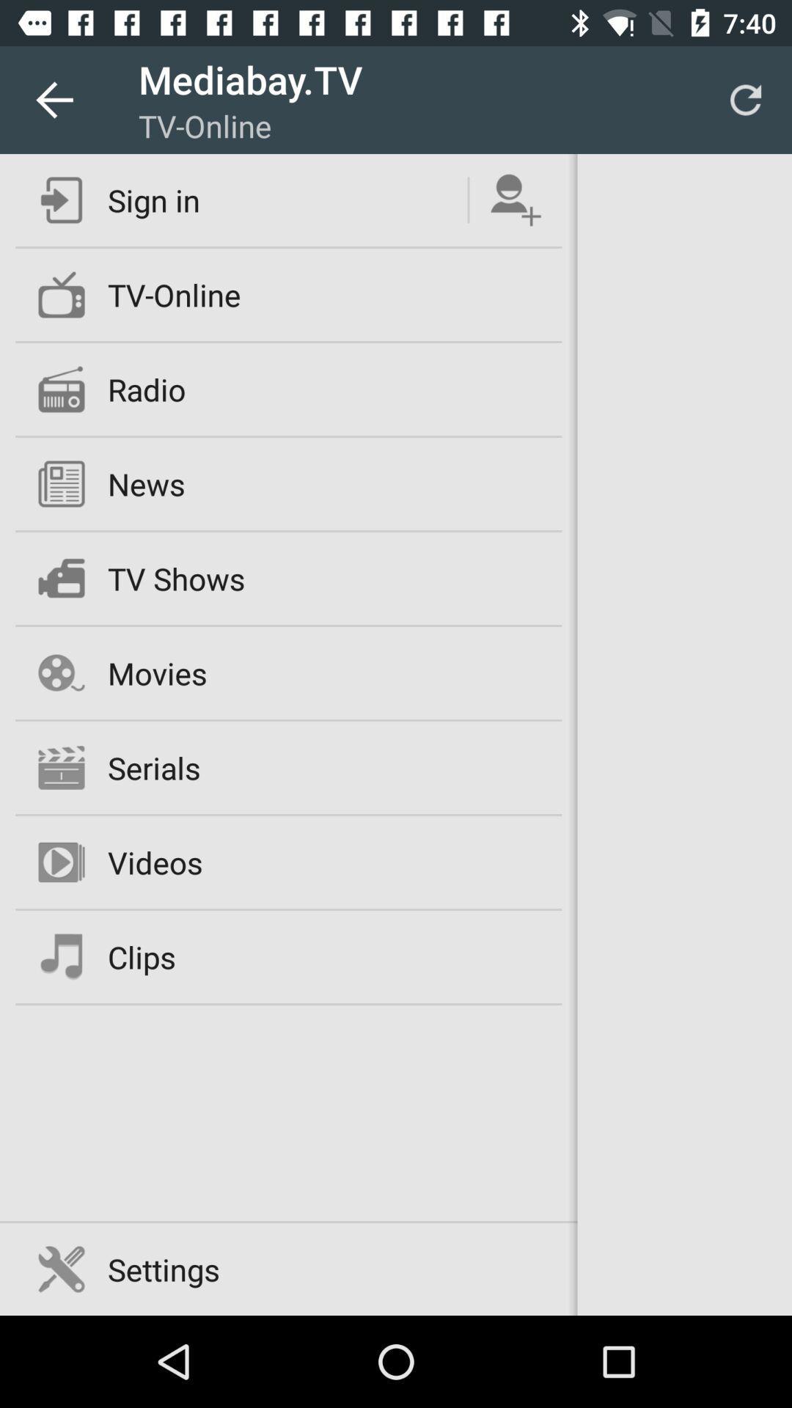 The image size is (792, 1408). I want to click on the follow icon, so click(515, 199).